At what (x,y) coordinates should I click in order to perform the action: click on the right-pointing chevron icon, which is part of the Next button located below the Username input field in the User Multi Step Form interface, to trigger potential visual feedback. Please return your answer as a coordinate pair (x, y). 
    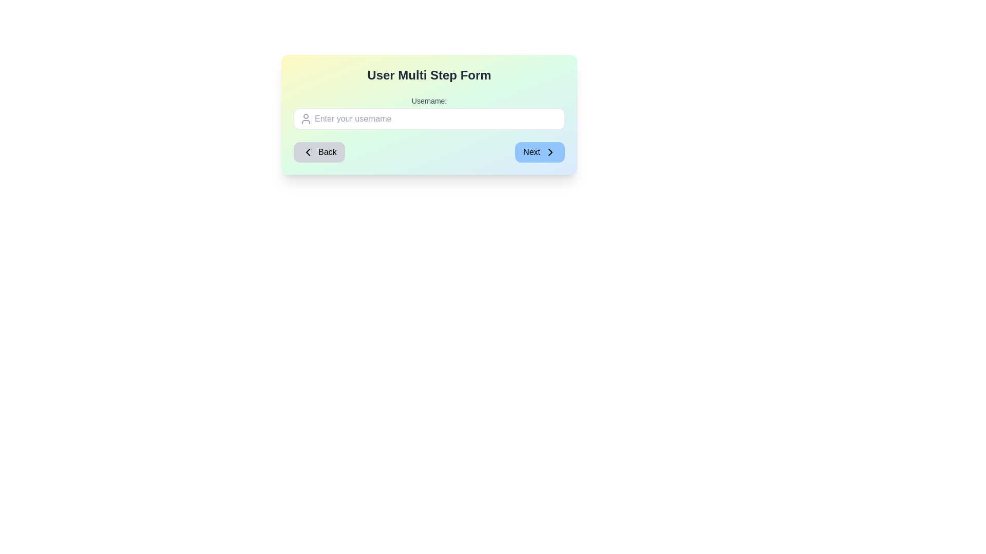
    Looking at the image, I should click on (549, 152).